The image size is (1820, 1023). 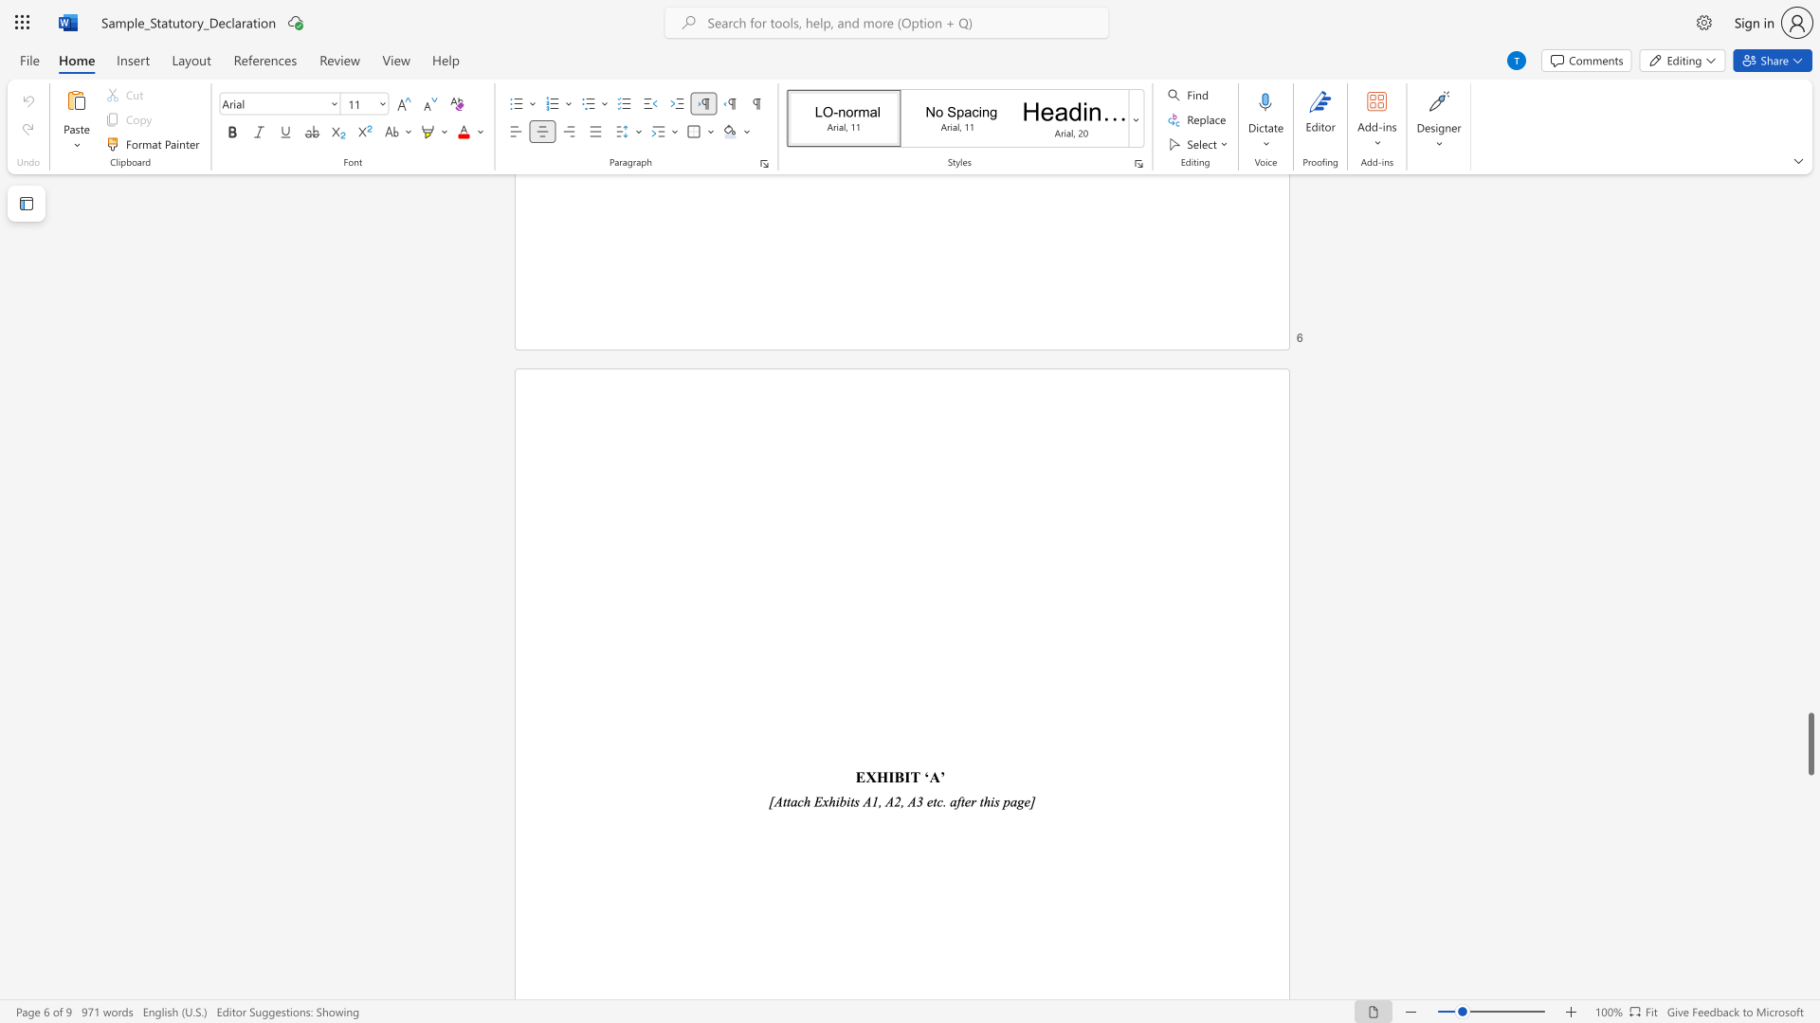 What do you see at coordinates (1810, 567) in the screenshot?
I see `the scrollbar to slide the page up` at bounding box center [1810, 567].